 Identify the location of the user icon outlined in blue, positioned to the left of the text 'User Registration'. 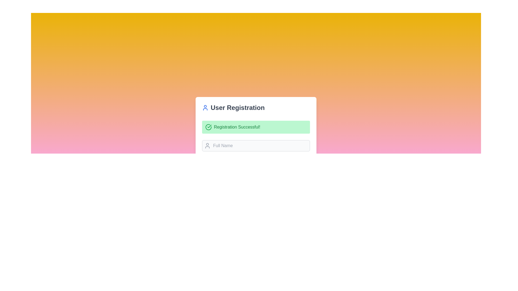
(205, 108).